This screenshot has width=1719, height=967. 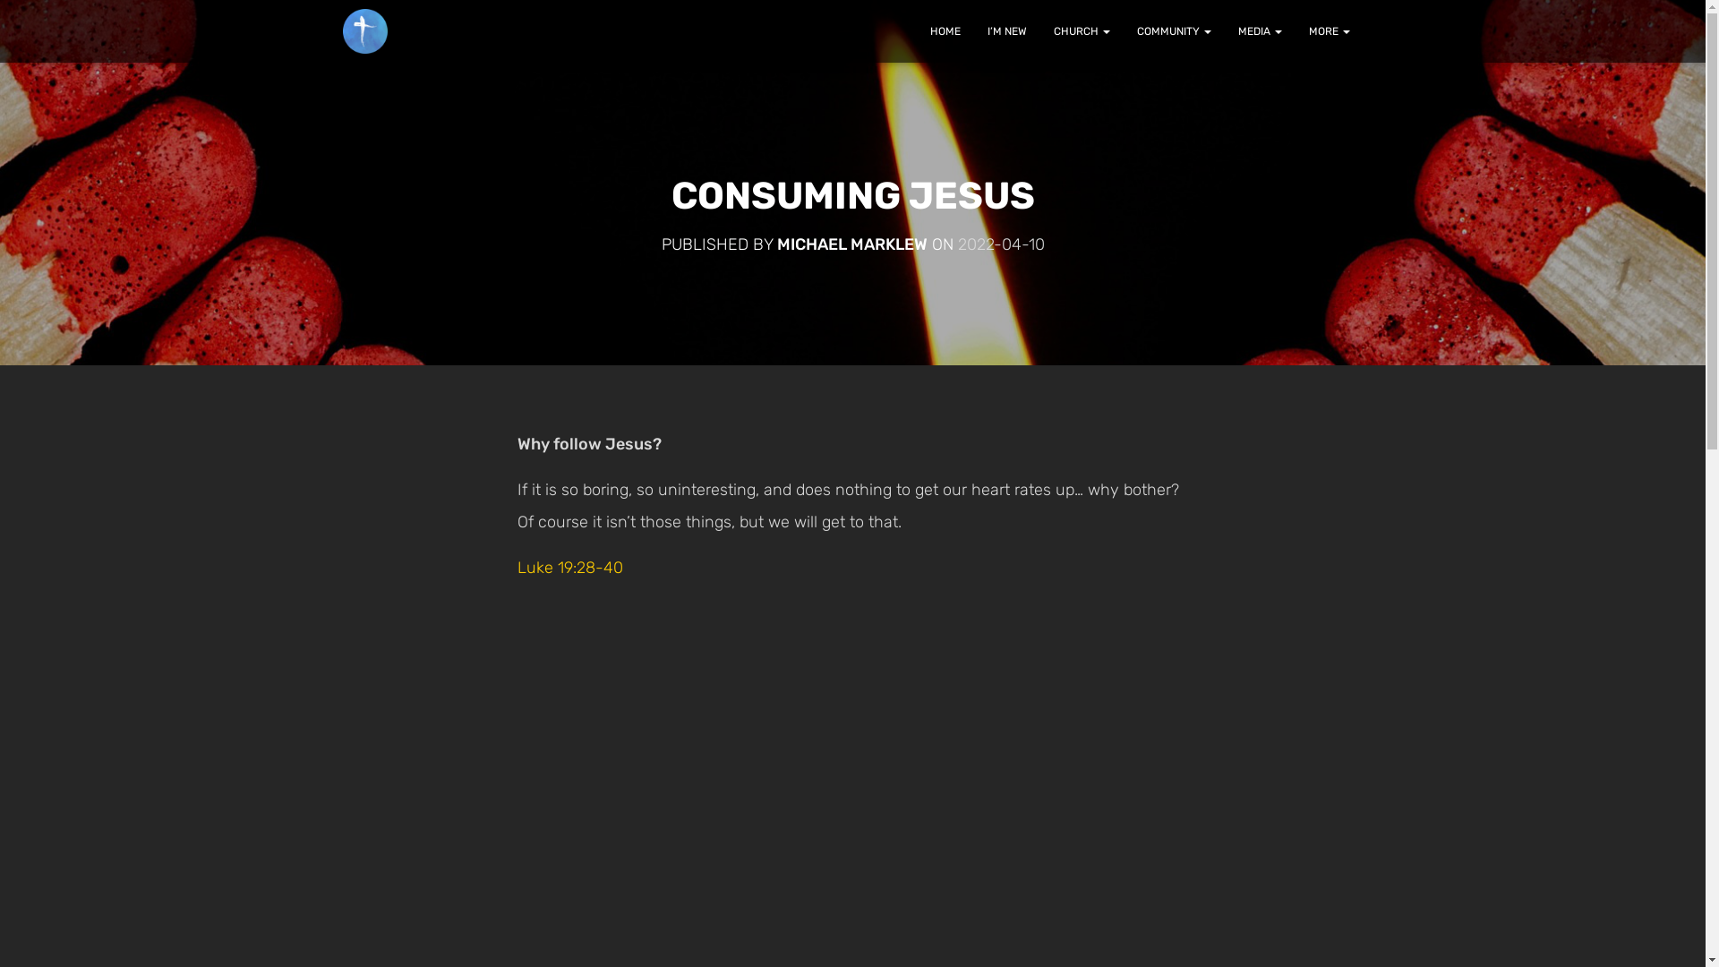 I want to click on 'Stockton Anglican', so click(x=364, y=30).